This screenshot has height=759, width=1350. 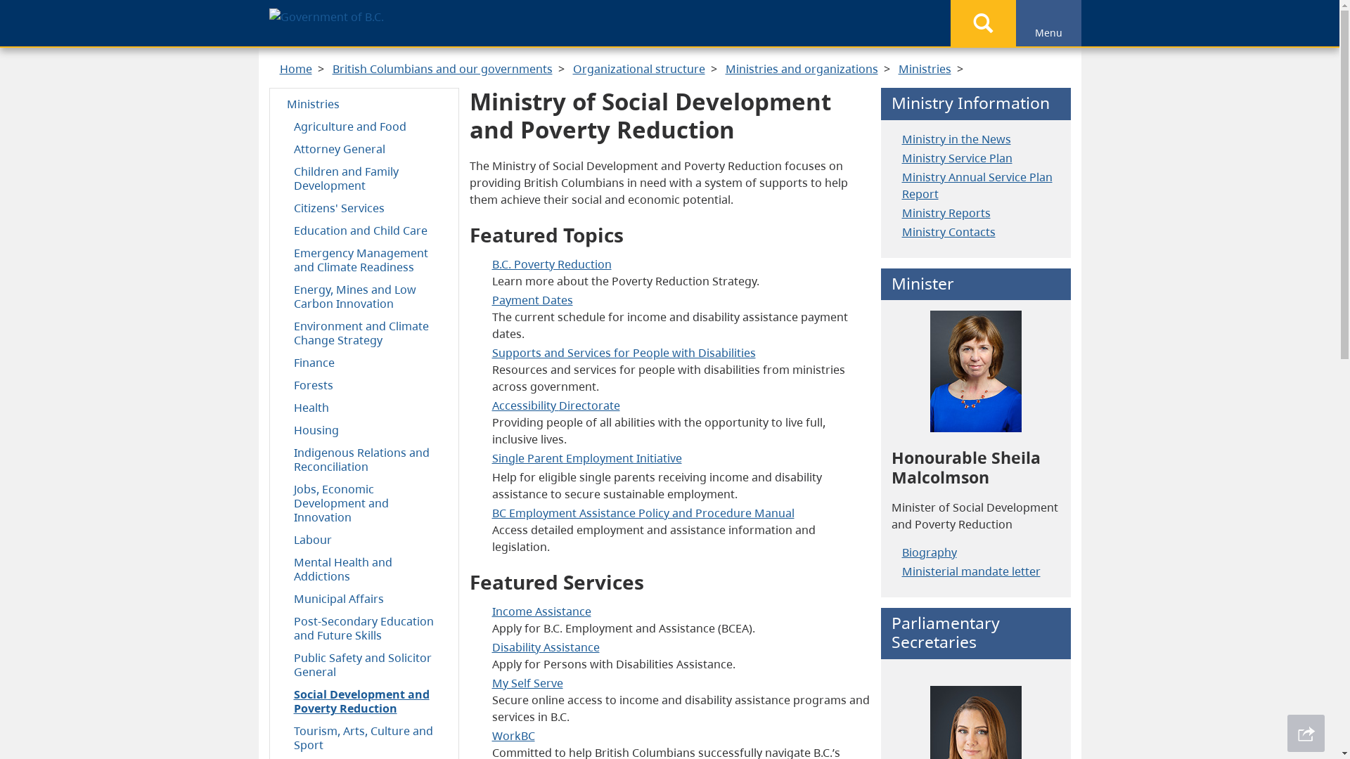 I want to click on 'Post-Secondary Education and Future Skills', so click(x=364, y=627).